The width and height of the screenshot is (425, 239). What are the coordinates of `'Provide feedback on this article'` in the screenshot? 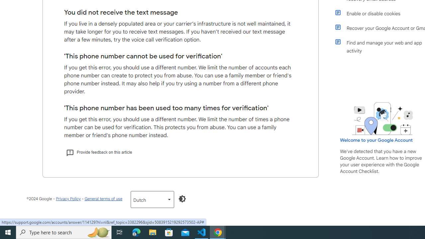 It's located at (99, 152).